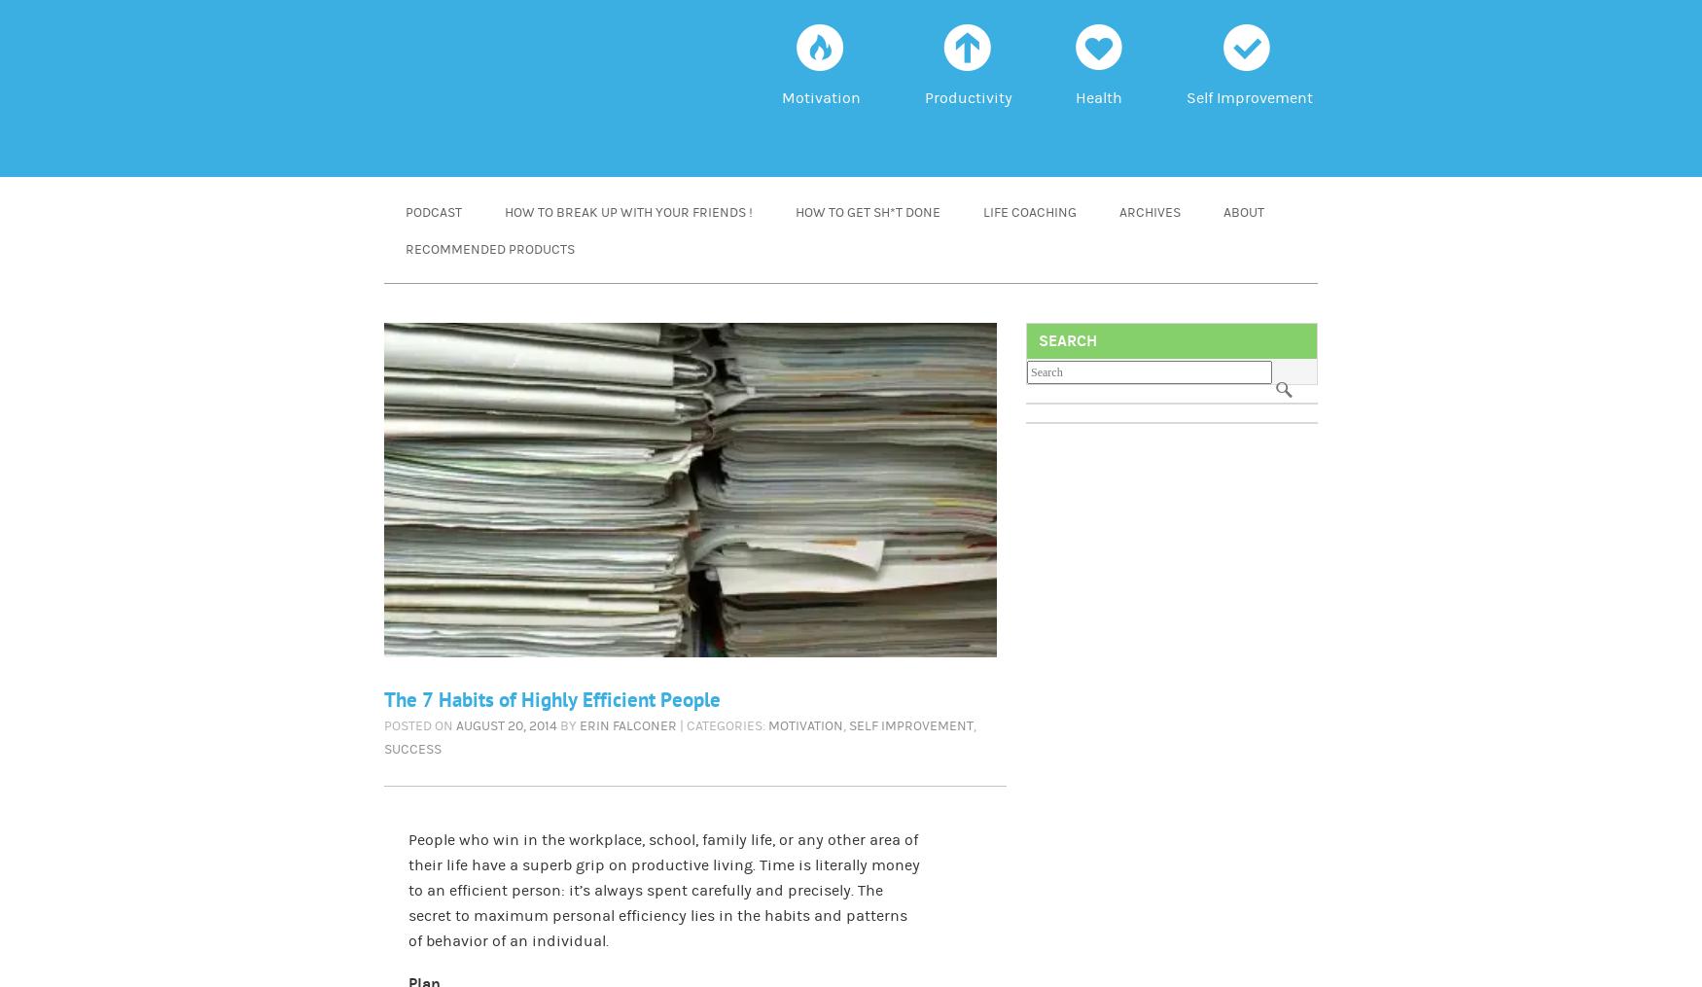 This screenshot has height=987, width=1702. What do you see at coordinates (663, 889) in the screenshot?
I see `'People who win in the workplace, school, family life, or any other area of their life have a superb grip on productive living. Time is literally money to an efficient person: it’s always spent carefully and precisely. The secret to maximum personal efficiency lies in the habits and patterns of behavior of an individual.'` at bounding box center [663, 889].